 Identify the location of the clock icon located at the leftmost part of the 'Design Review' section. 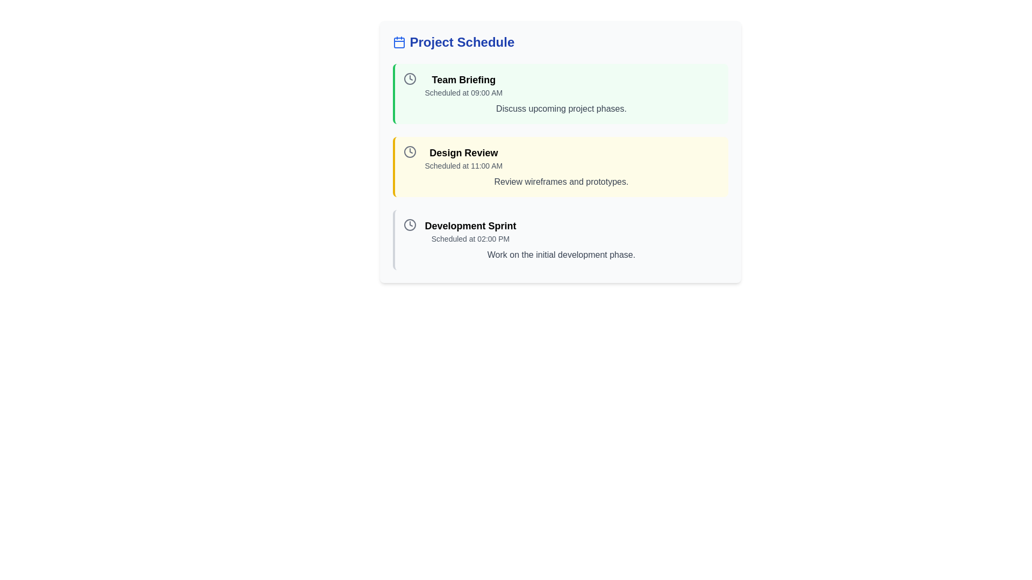
(409, 151).